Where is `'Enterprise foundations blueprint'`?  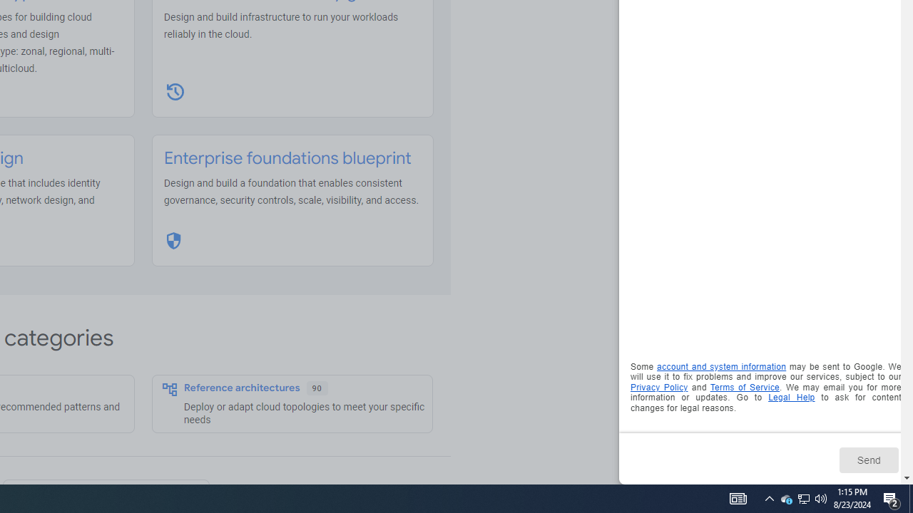
'Enterprise foundations blueprint' is located at coordinates (287, 158).